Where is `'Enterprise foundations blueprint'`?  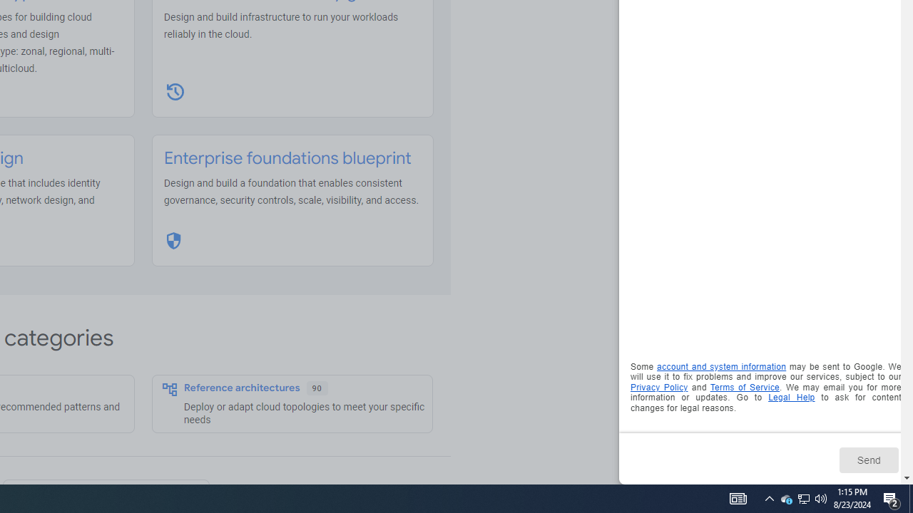
'Enterprise foundations blueprint' is located at coordinates (287, 158).